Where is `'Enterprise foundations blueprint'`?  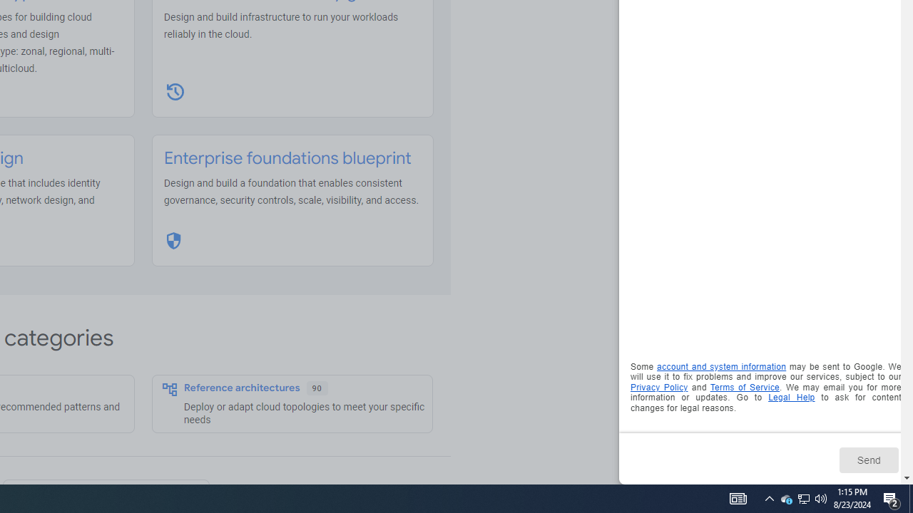
'Enterprise foundations blueprint' is located at coordinates (287, 158).